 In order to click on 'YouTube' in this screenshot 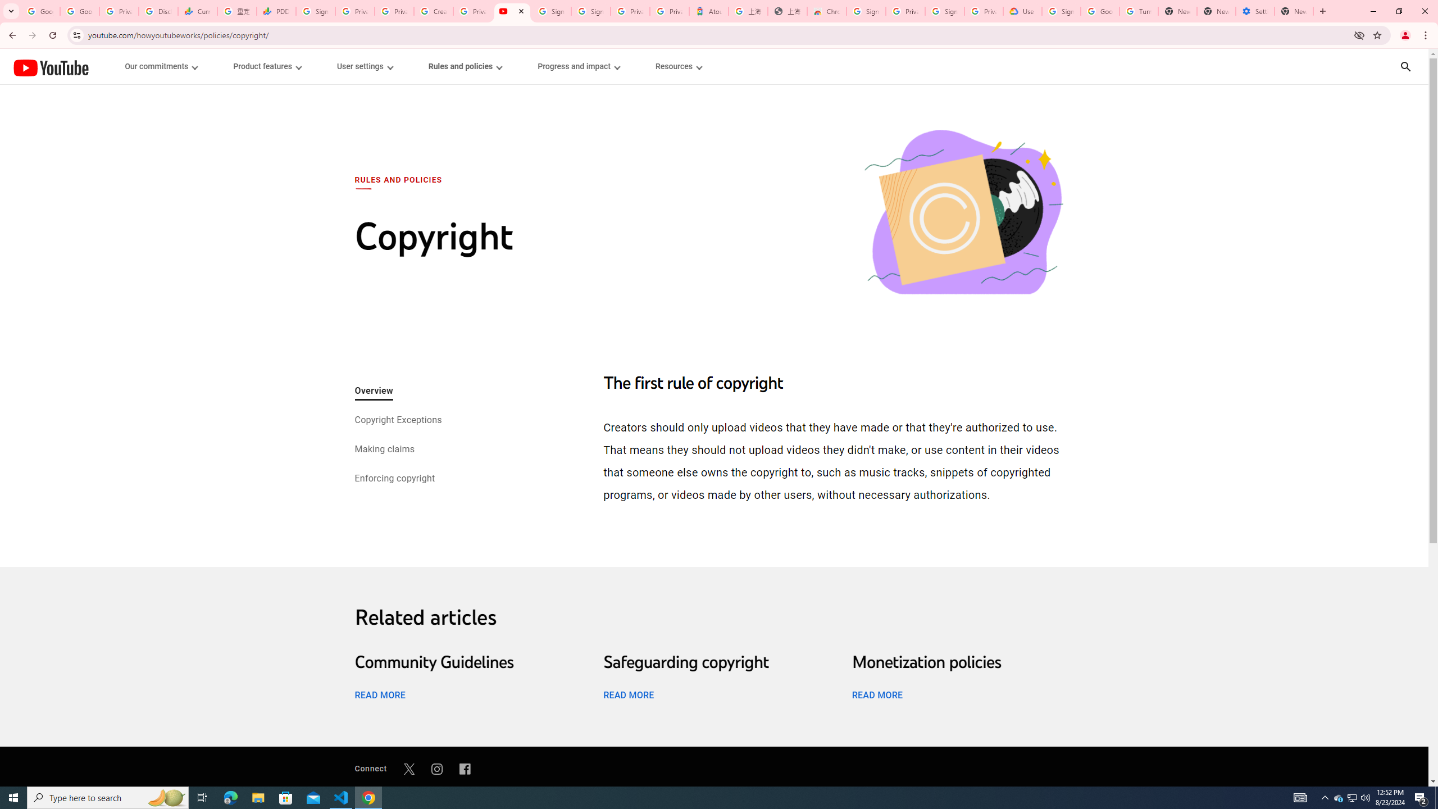, I will do `click(50, 67)`.